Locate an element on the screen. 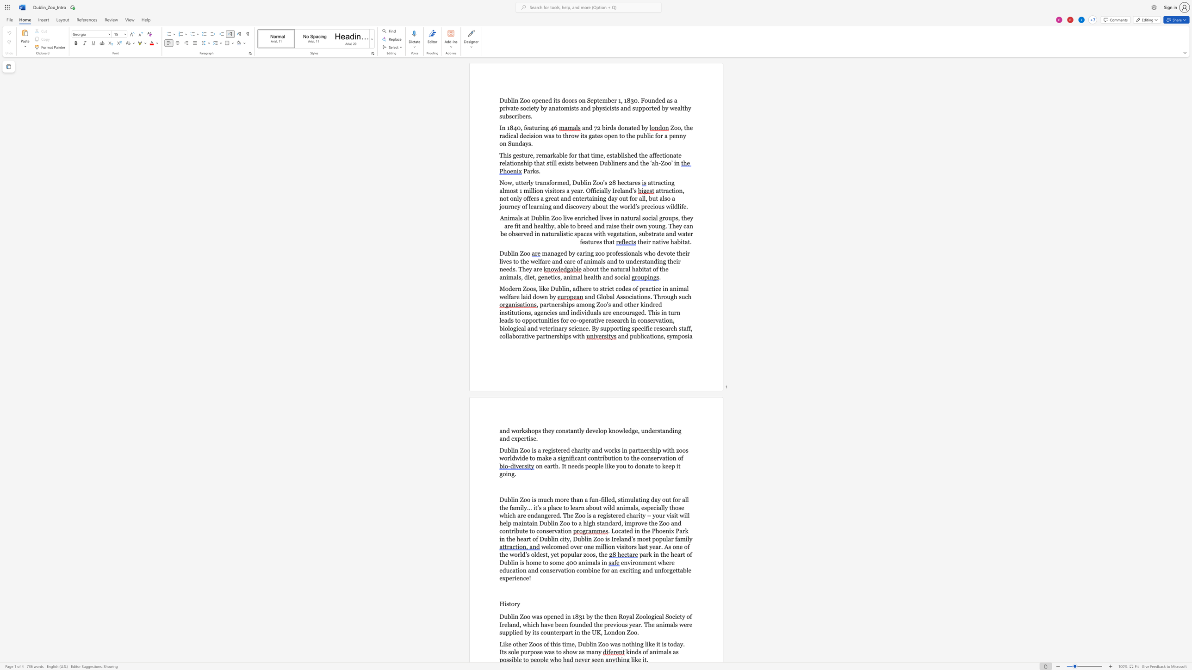 Image resolution: width=1192 pixels, height=670 pixels. the space between the continuous character "u" and "n" in the text is located at coordinates (644, 431).